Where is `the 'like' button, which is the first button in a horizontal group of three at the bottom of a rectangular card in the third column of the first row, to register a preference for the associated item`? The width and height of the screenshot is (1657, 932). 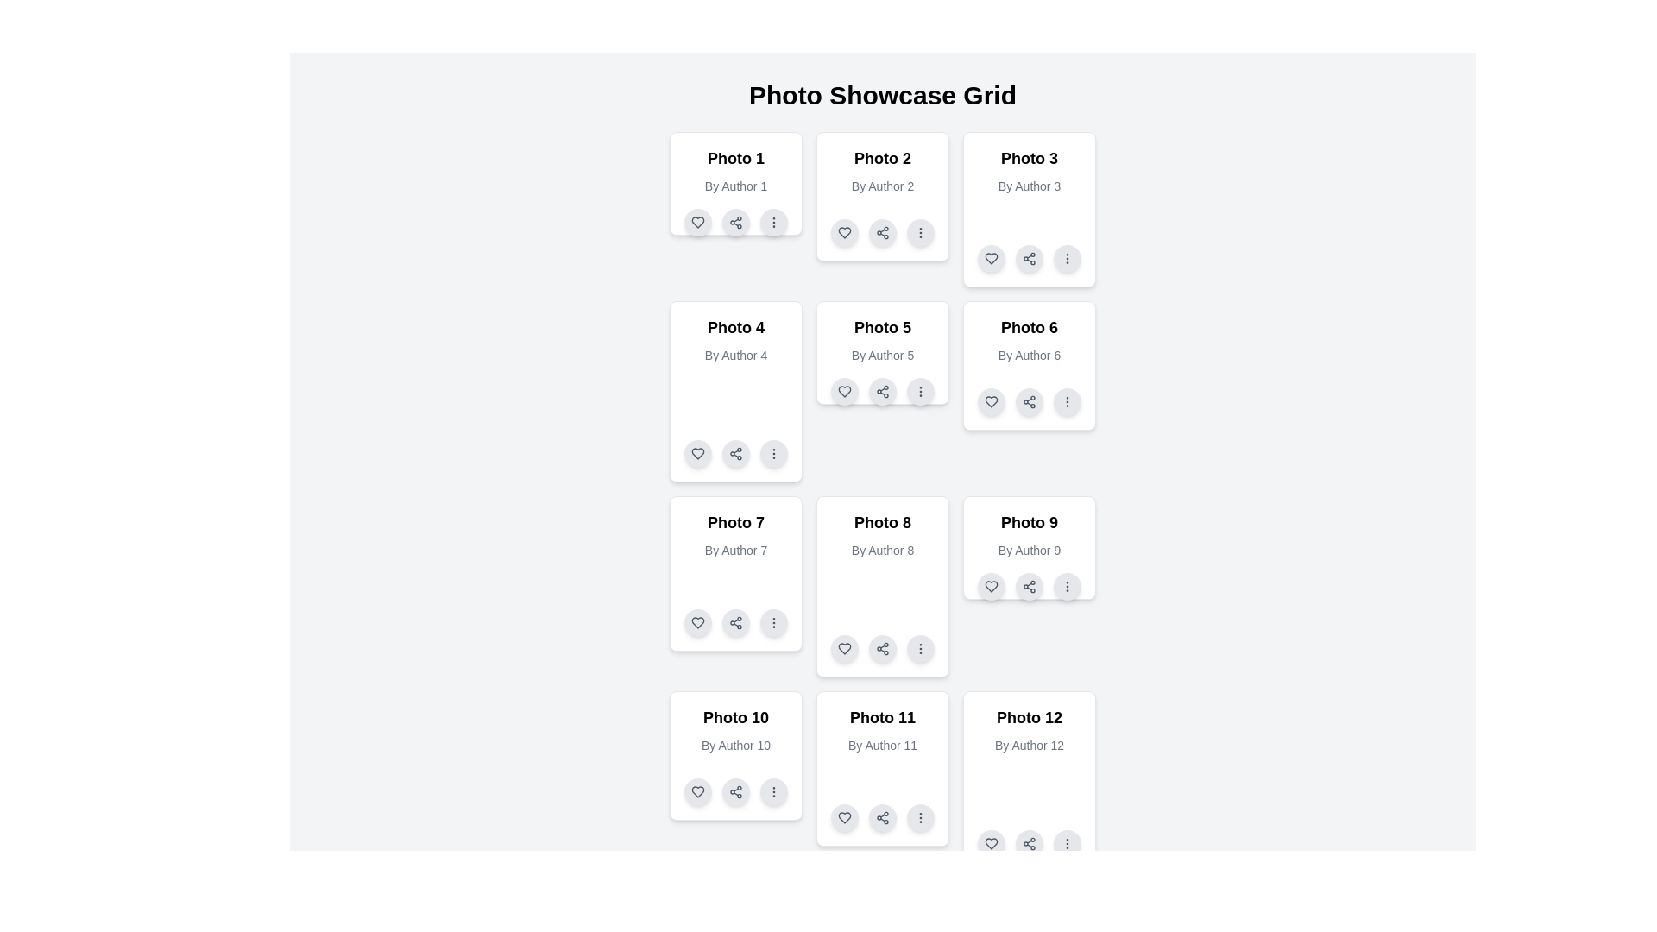 the 'like' button, which is the first button in a horizontal group of three at the bottom of a rectangular card in the third column of the first row, to register a preference for the associated item is located at coordinates (991, 259).